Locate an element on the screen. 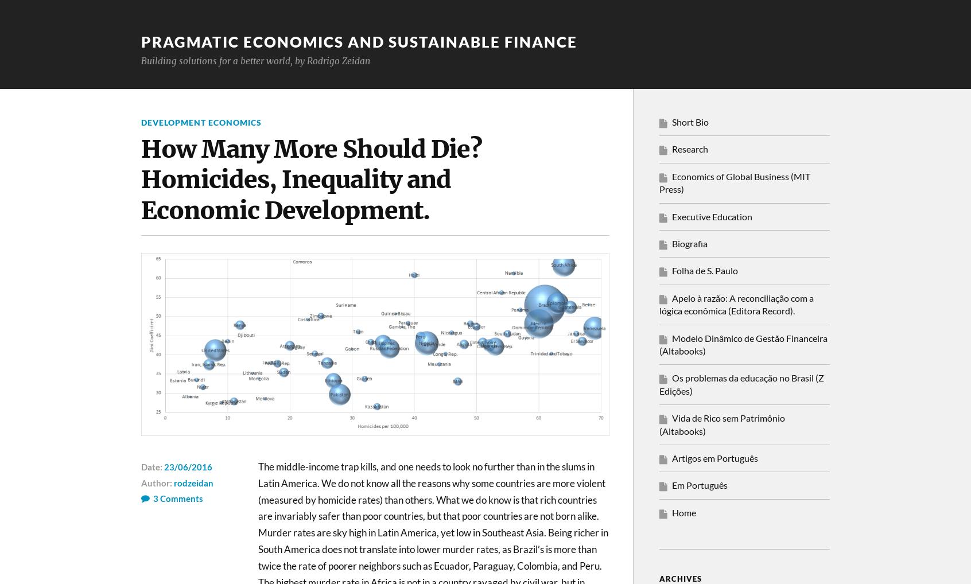  'Archives' is located at coordinates (679, 579).